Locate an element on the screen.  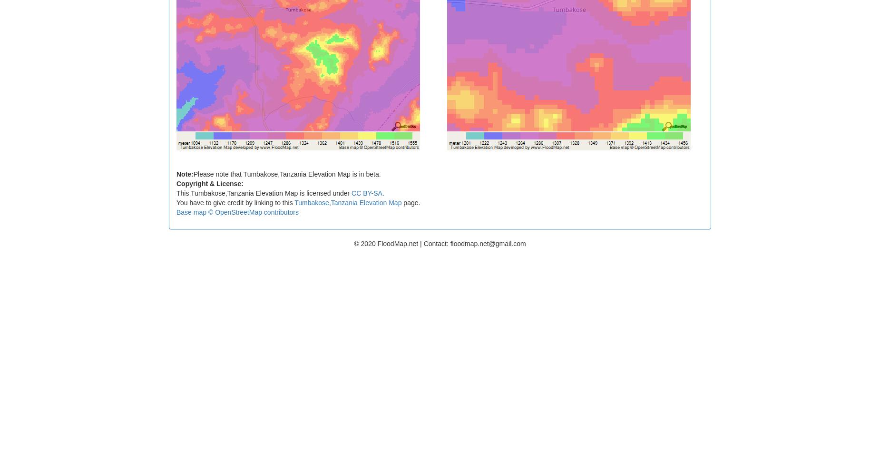
'Note:' is located at coordinates (184, 173).